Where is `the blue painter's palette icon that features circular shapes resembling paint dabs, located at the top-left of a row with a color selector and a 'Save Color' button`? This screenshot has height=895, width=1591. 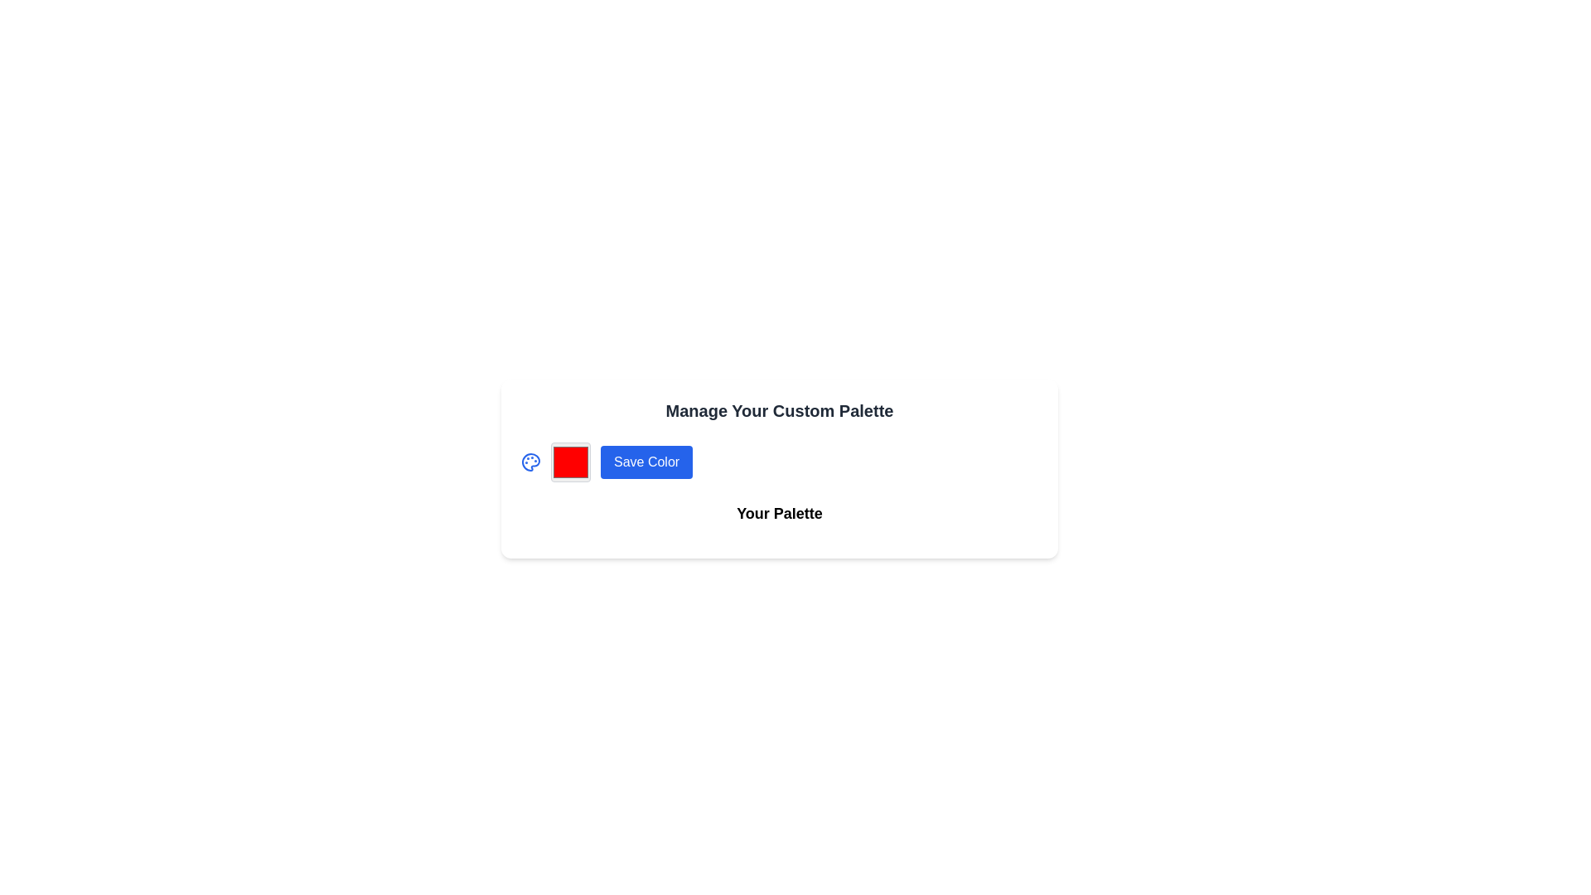 the blue painter's palette icon that features circular shapes resembling paint dabs, located at the top-left of a row with a color selector and a 'Save Color' button is located at coordinates (531, 462).